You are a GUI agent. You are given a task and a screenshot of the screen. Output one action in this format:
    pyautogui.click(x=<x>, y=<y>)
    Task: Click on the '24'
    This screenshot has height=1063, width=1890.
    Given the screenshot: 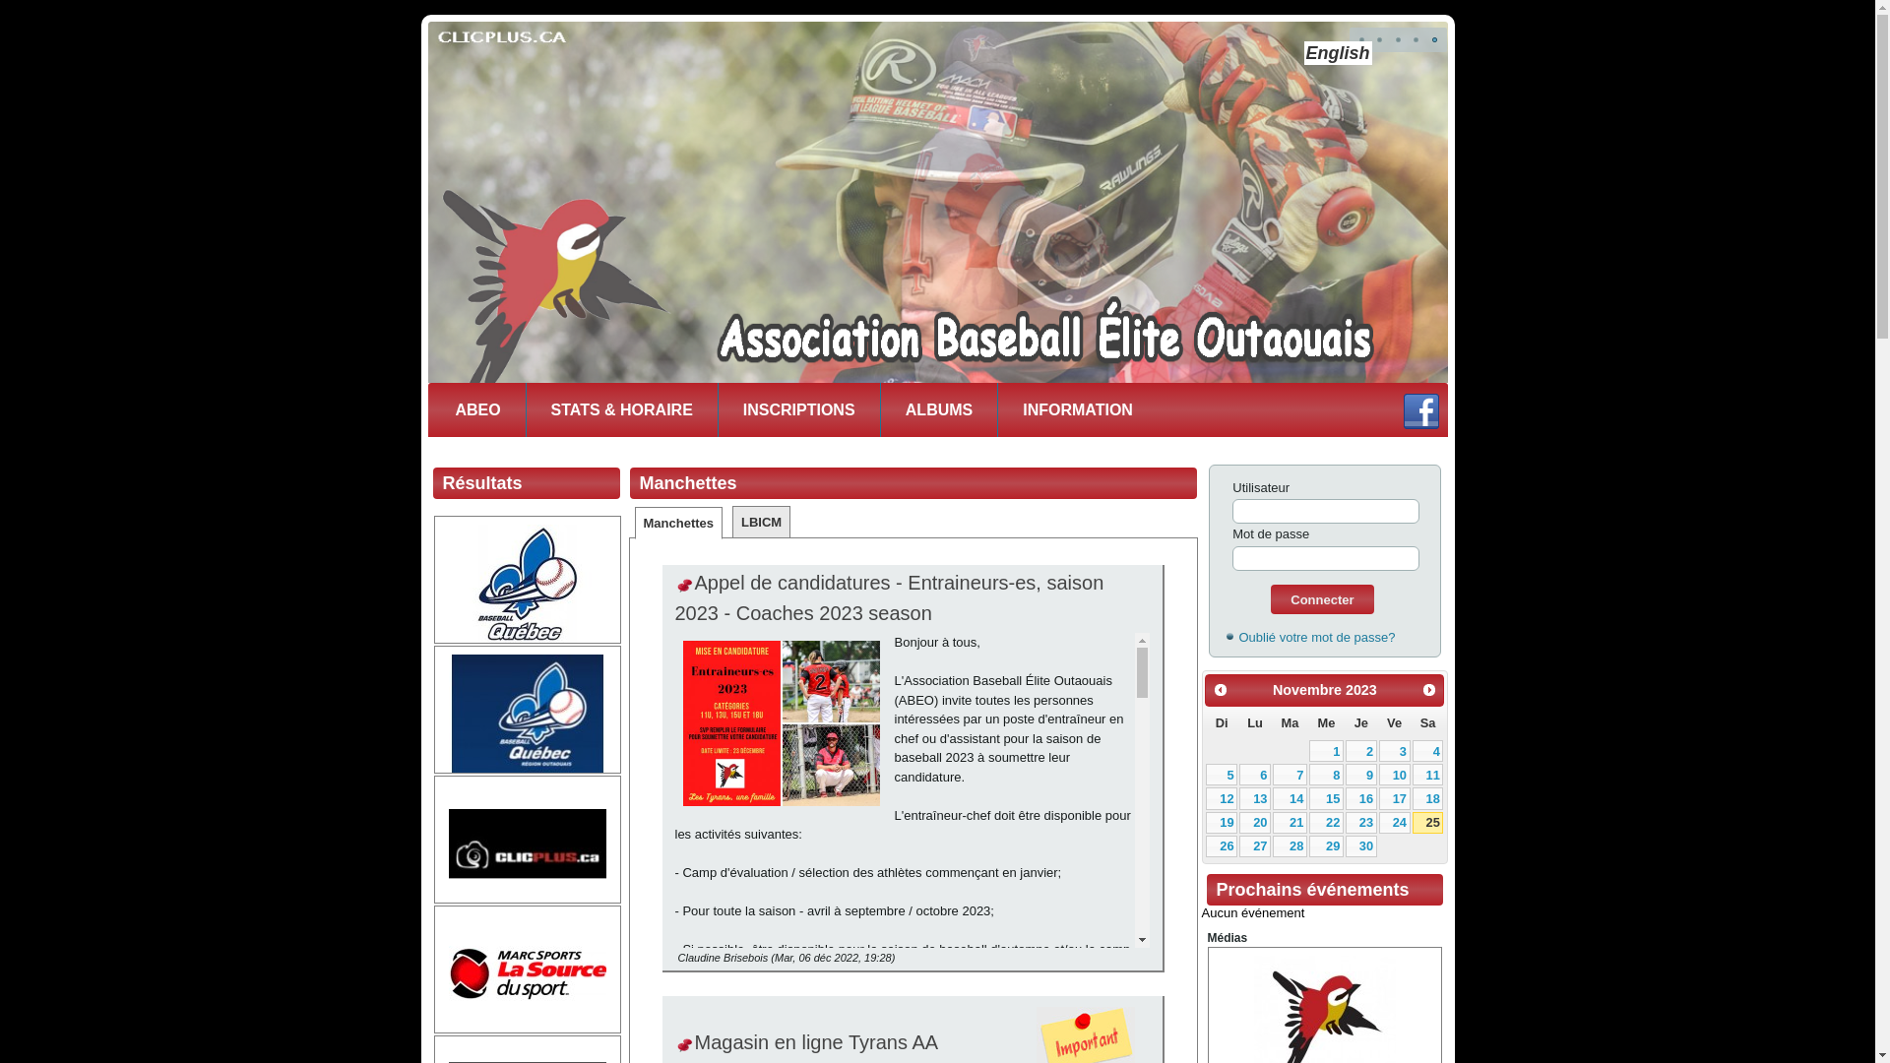 What is the action you would take?
    pyautogui.click(x=1393, y=823)
    